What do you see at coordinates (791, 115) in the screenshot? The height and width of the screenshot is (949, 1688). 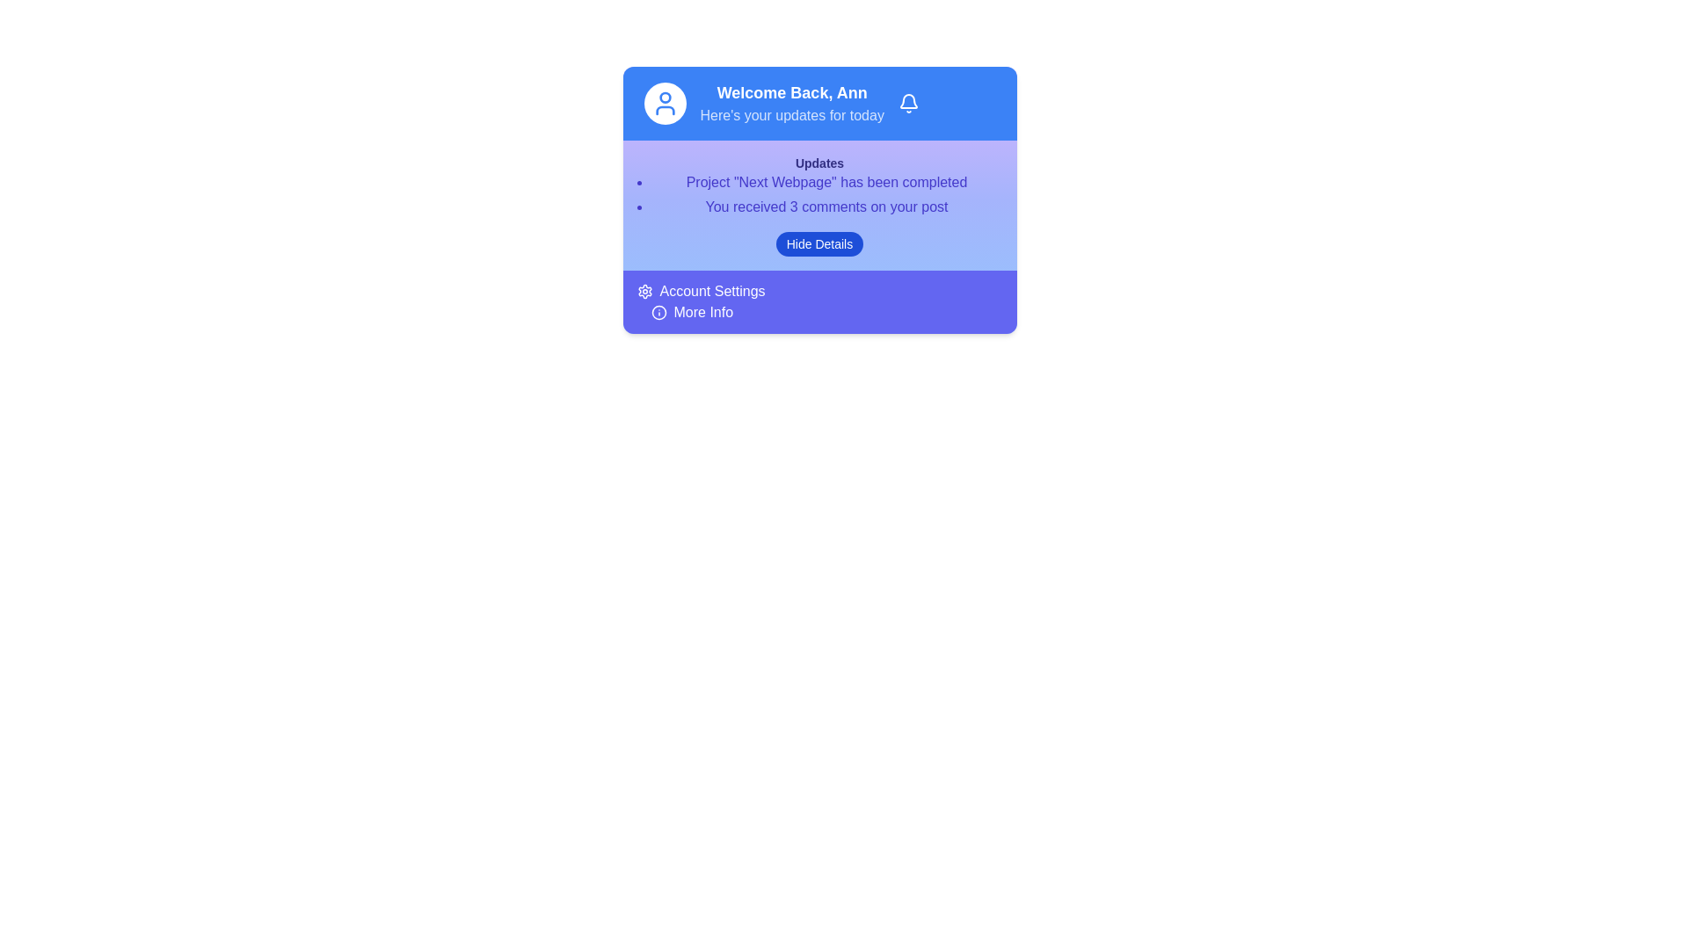 I see `the text label displaying 'Here's your updates for today', which is positioned centrally beneath the welcoming header 'Welcome Back, Ann'` at bounding box center [791, 115].